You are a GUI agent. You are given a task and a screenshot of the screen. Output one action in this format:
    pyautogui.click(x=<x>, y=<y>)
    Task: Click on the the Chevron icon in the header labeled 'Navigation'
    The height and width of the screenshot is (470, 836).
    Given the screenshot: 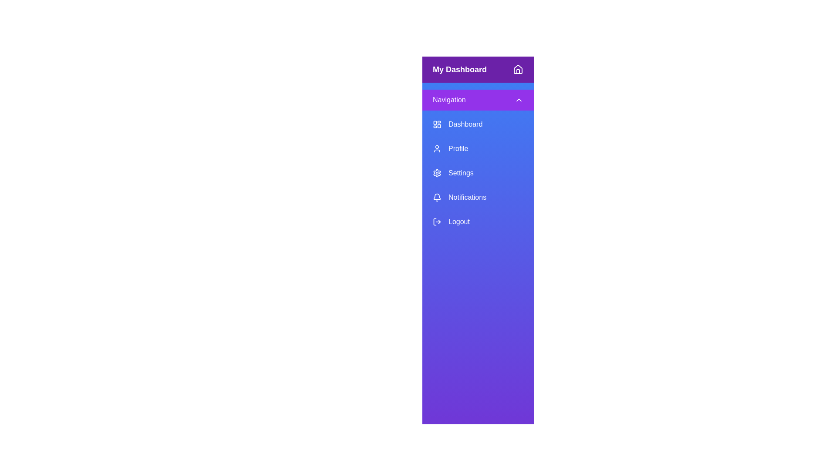 What is the action you would take?
    pyautogui.click(x=519, y=100)
    